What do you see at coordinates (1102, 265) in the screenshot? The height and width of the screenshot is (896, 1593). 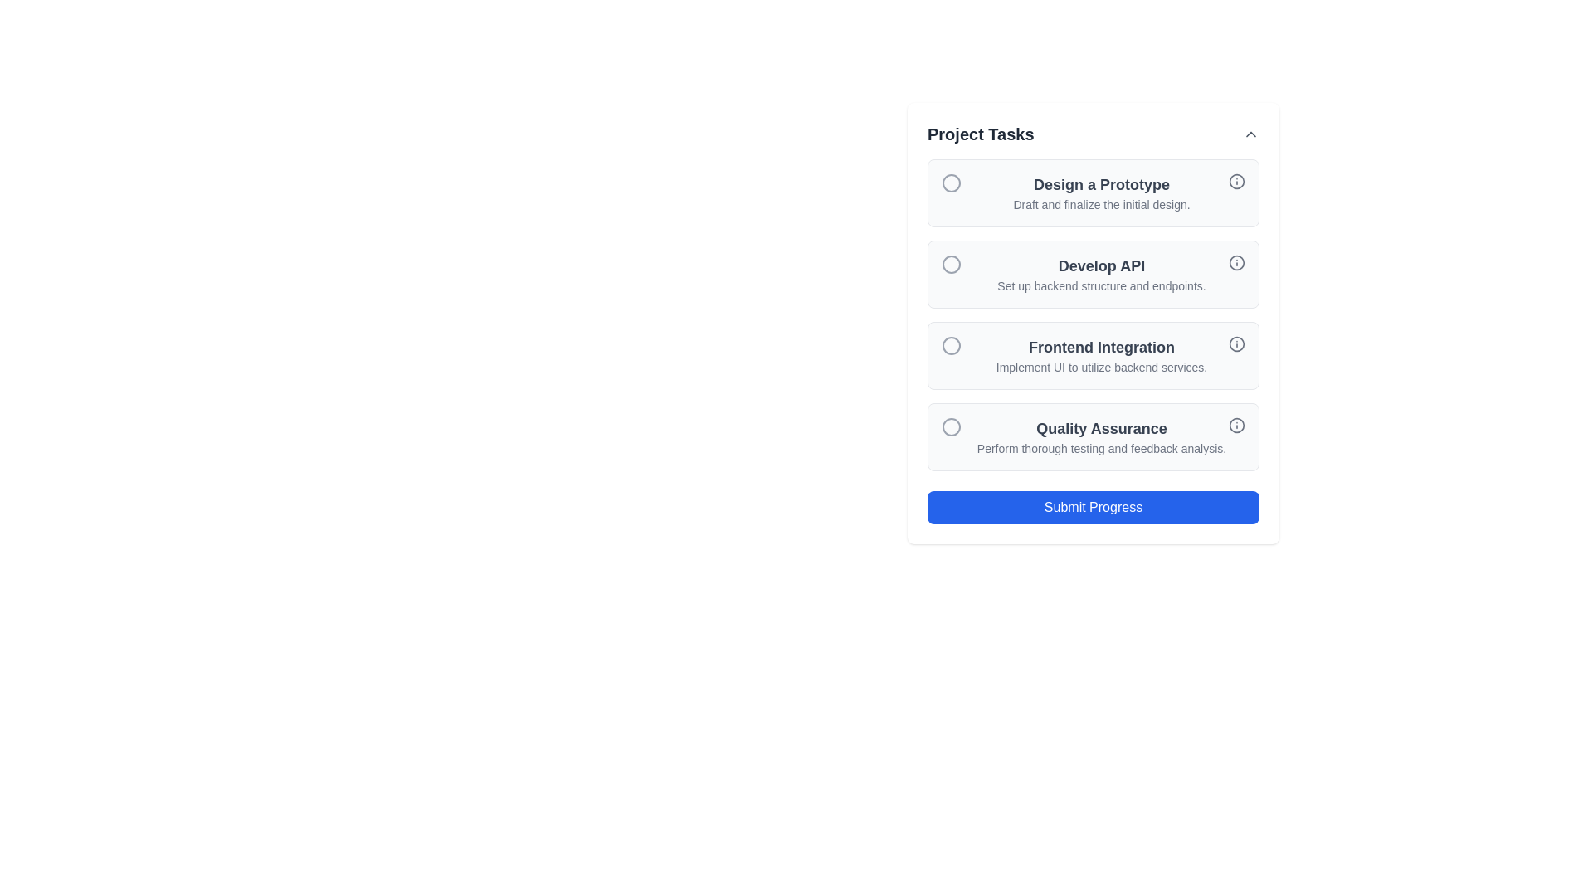 I see `the header label for the second task list item titled 'Set up backend structure and endpoints.' in the 'Project Tasks' card` at bounding box center [1102, 265].